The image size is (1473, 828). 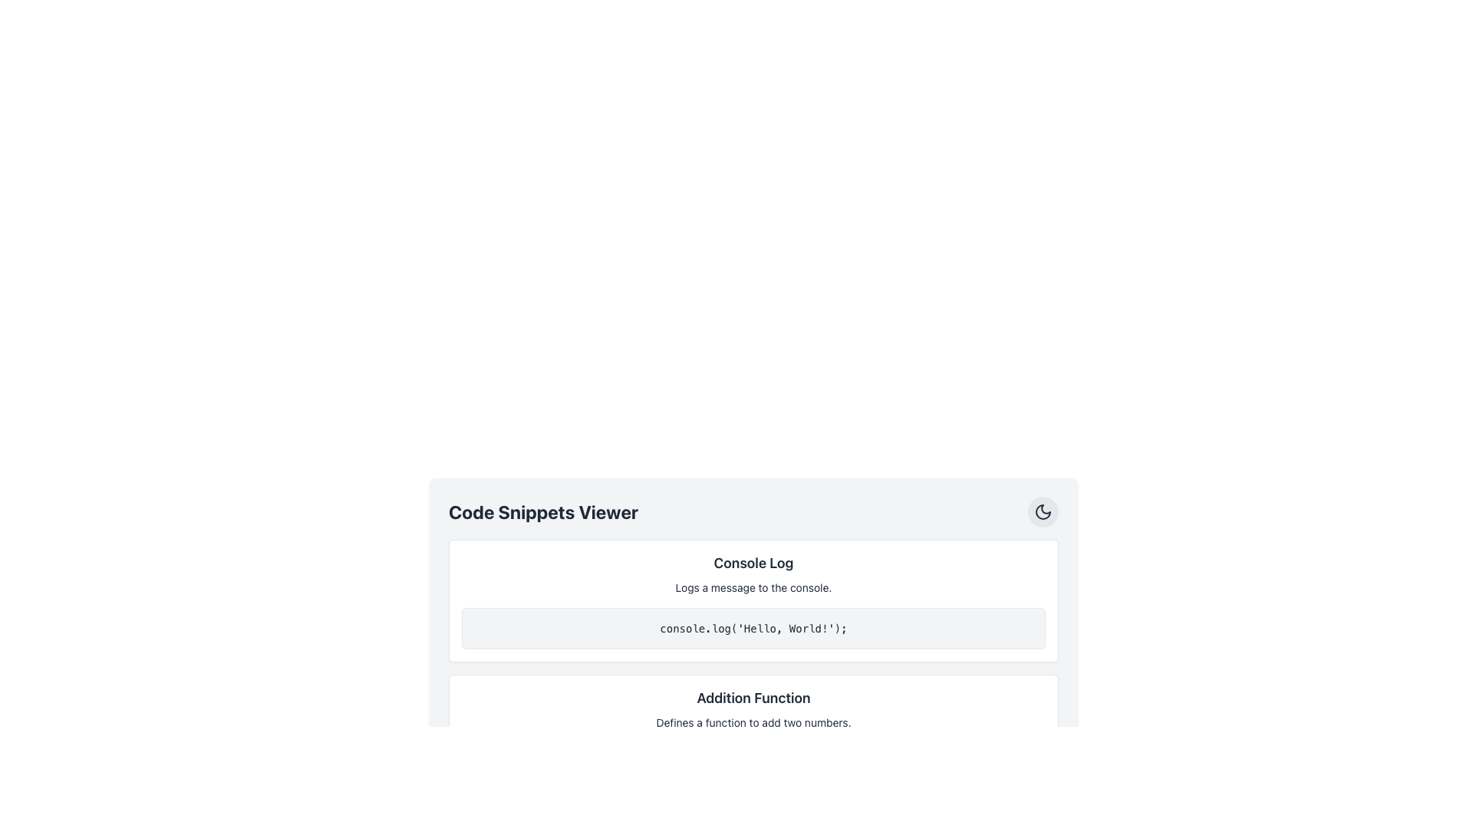 What do you see at coordinates (753, 511) in the screenshot?
I see `the title of the section indicated` at bounding box center [753, 511].